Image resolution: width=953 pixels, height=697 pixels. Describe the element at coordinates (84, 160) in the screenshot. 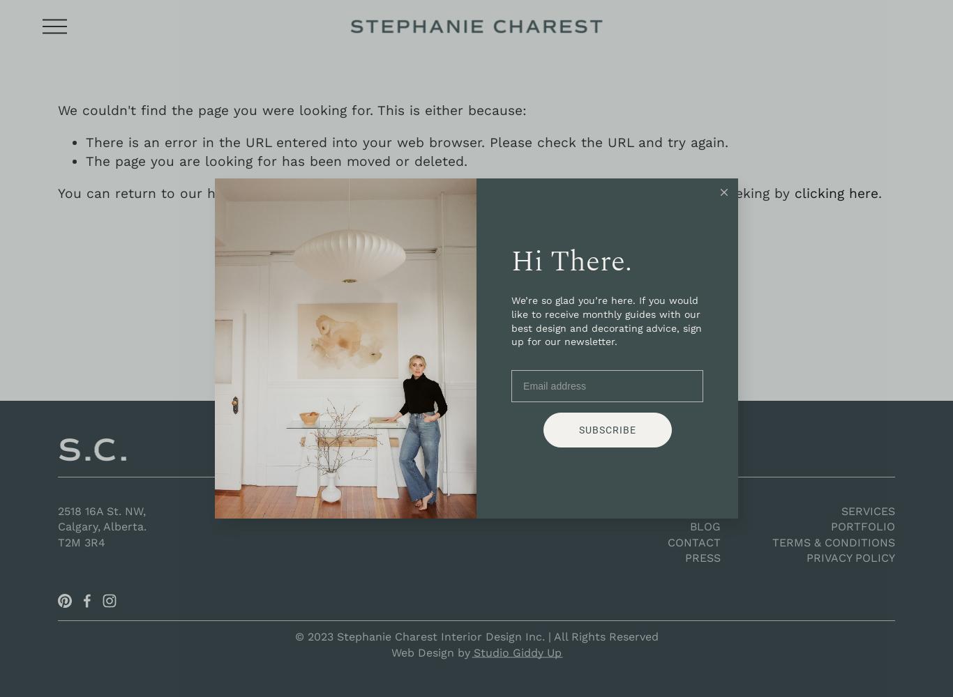

I see `'The page you are looking for has been moved or deleted.'` at that location.